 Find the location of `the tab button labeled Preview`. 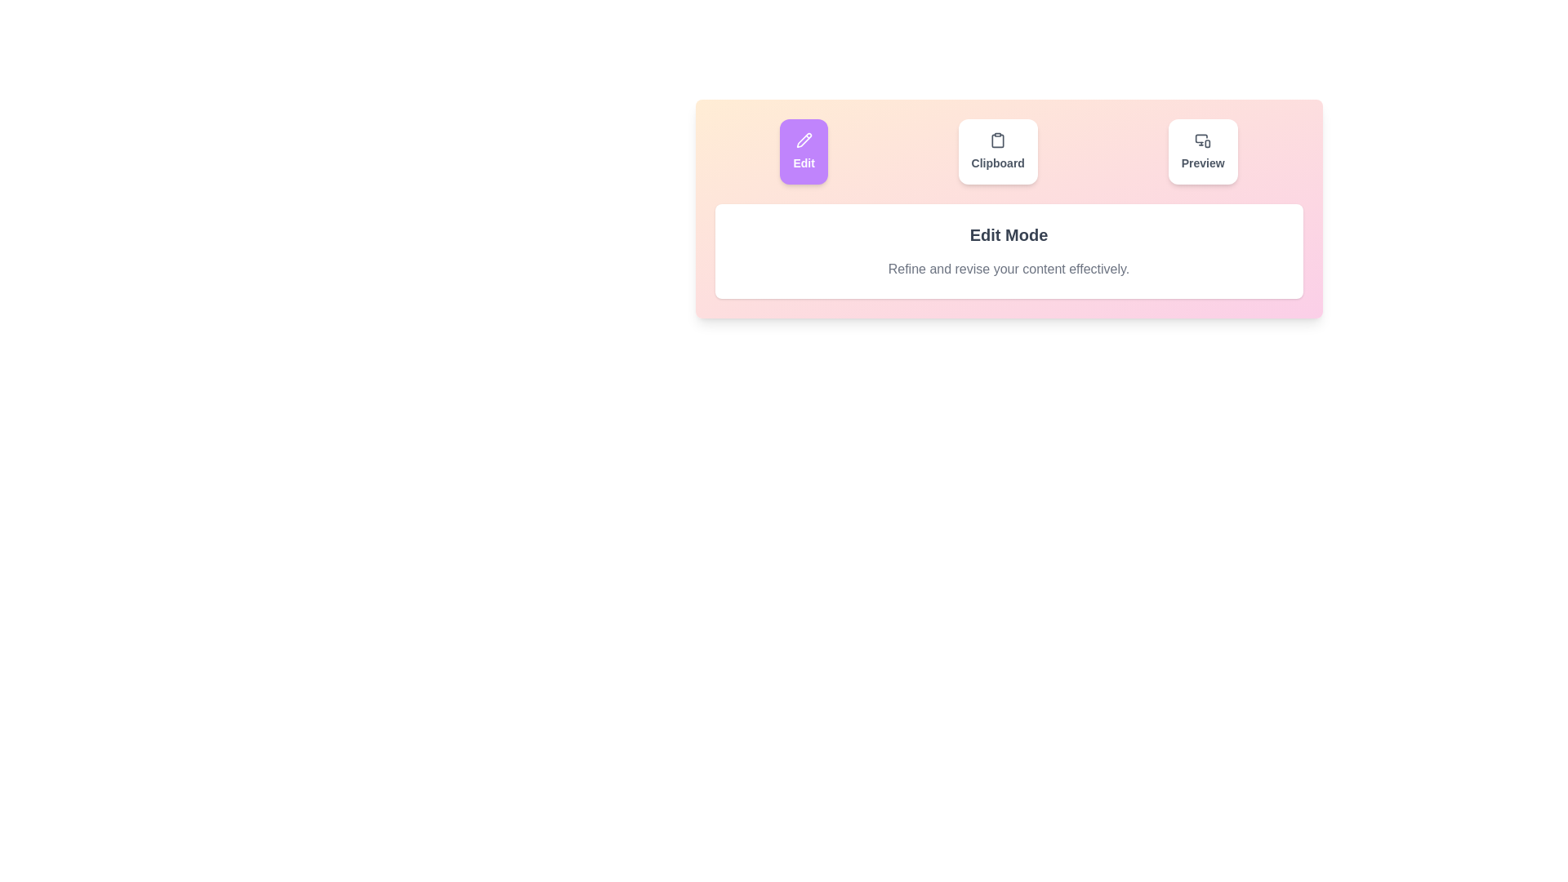

the tab button labeled Preview is located at coordinates (1203, 151).